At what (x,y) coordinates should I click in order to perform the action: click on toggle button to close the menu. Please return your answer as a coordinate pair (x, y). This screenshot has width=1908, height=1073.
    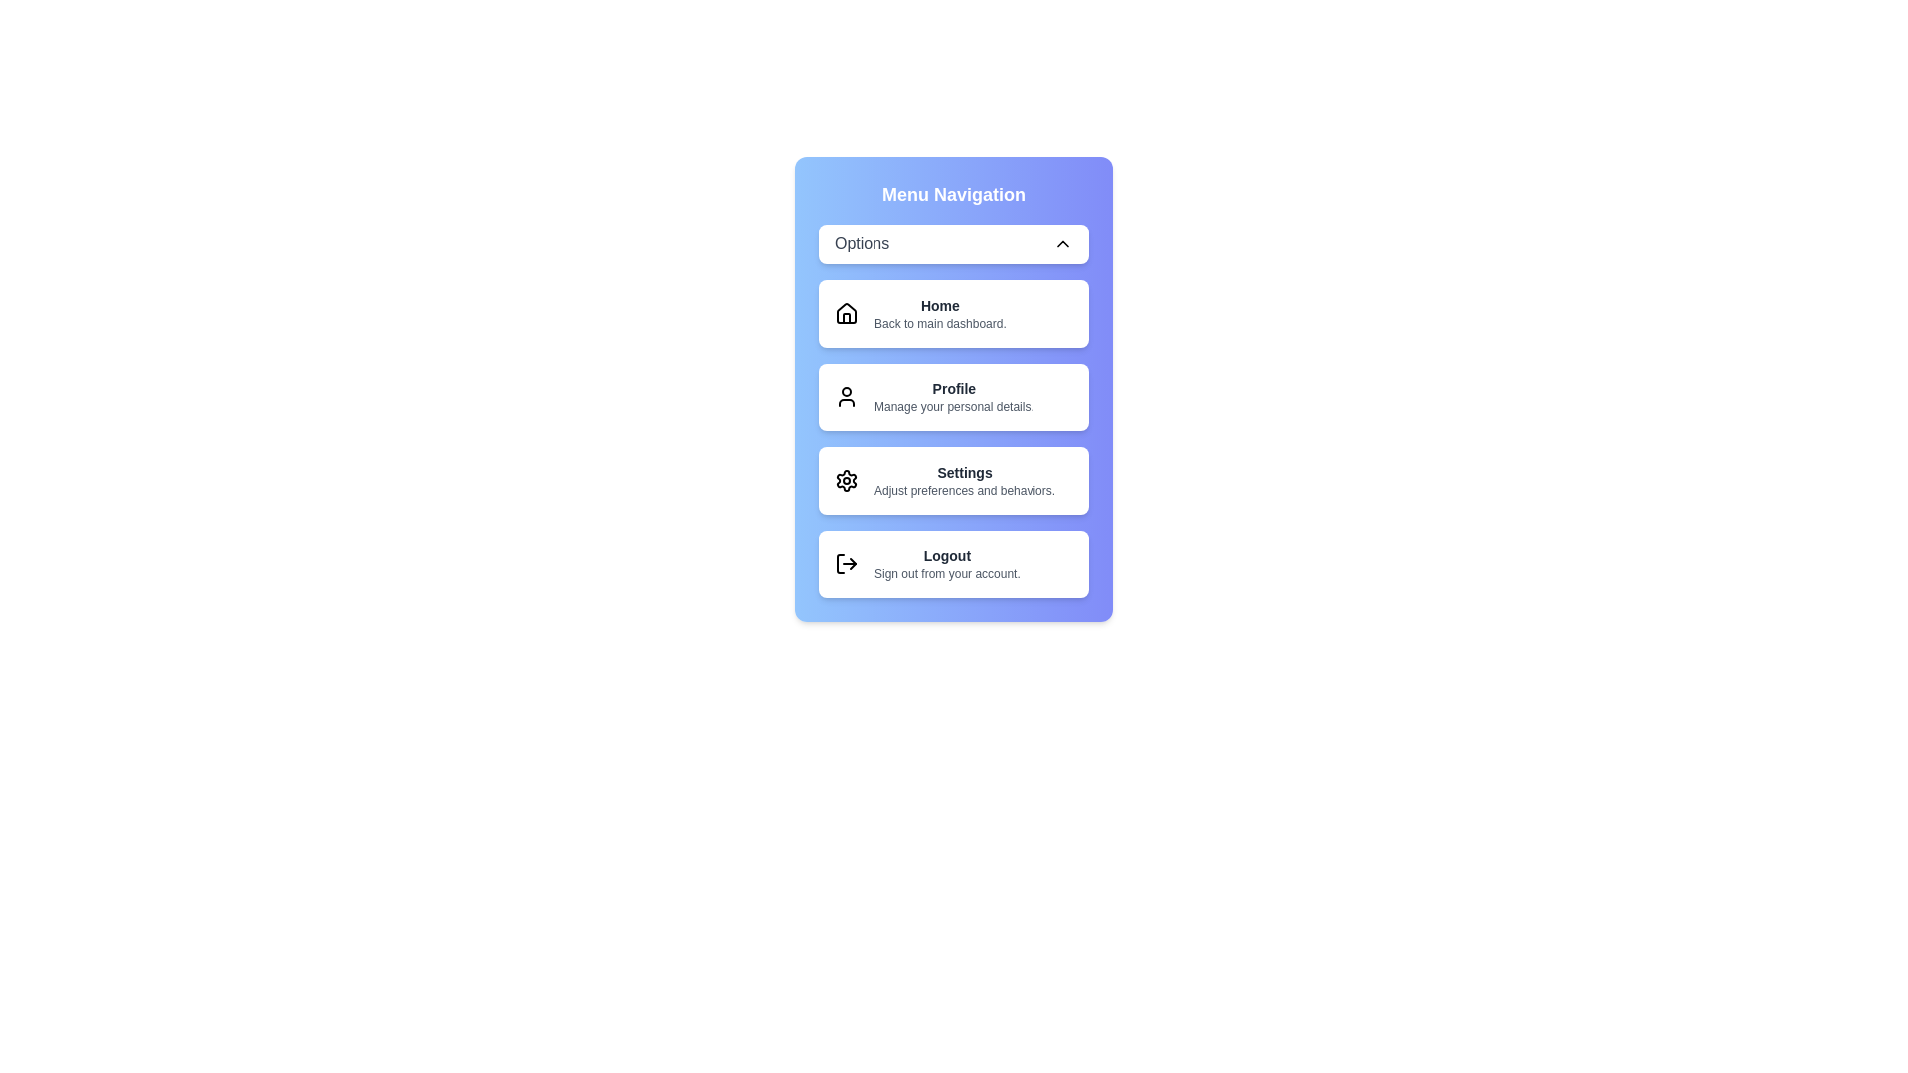
    Looking at the image, I should click on (954, 243).